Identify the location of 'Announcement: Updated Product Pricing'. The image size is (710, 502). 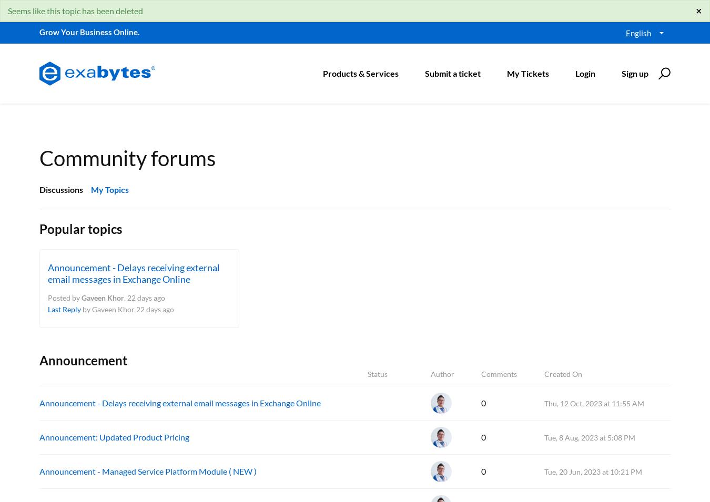
(114, 437).